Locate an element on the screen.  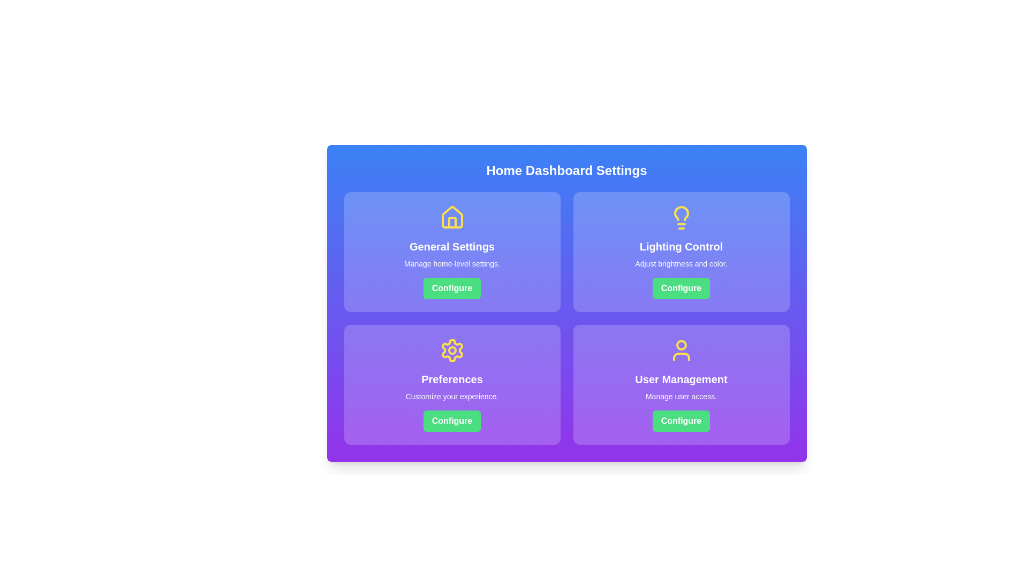
the icon corresponding to Lighting Control is located at coordinates (681, 217).